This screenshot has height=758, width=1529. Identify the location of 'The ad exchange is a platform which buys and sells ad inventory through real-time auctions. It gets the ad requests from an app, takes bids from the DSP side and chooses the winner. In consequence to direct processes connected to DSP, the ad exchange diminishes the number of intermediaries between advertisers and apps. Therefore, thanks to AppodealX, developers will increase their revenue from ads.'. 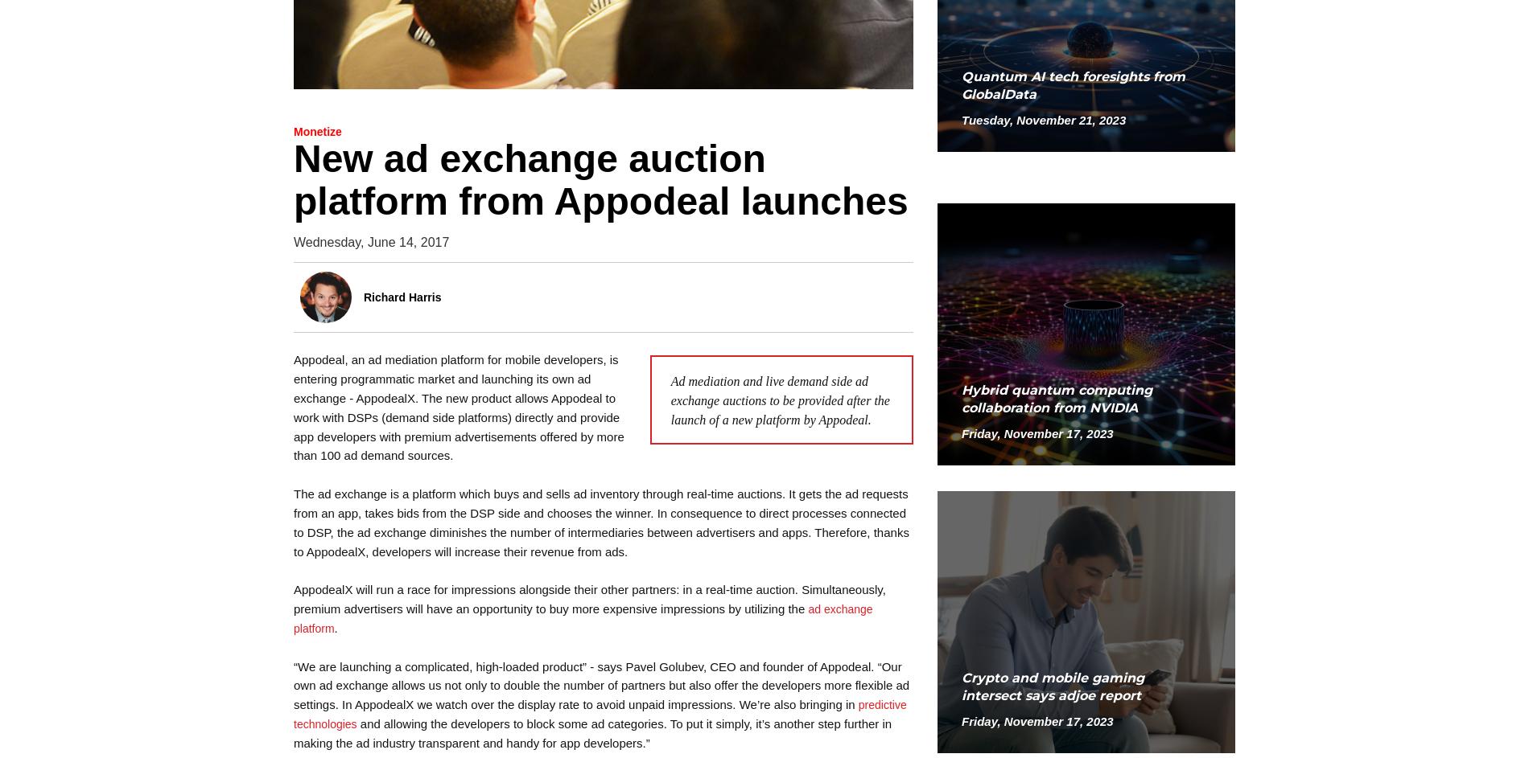
(600, 522).